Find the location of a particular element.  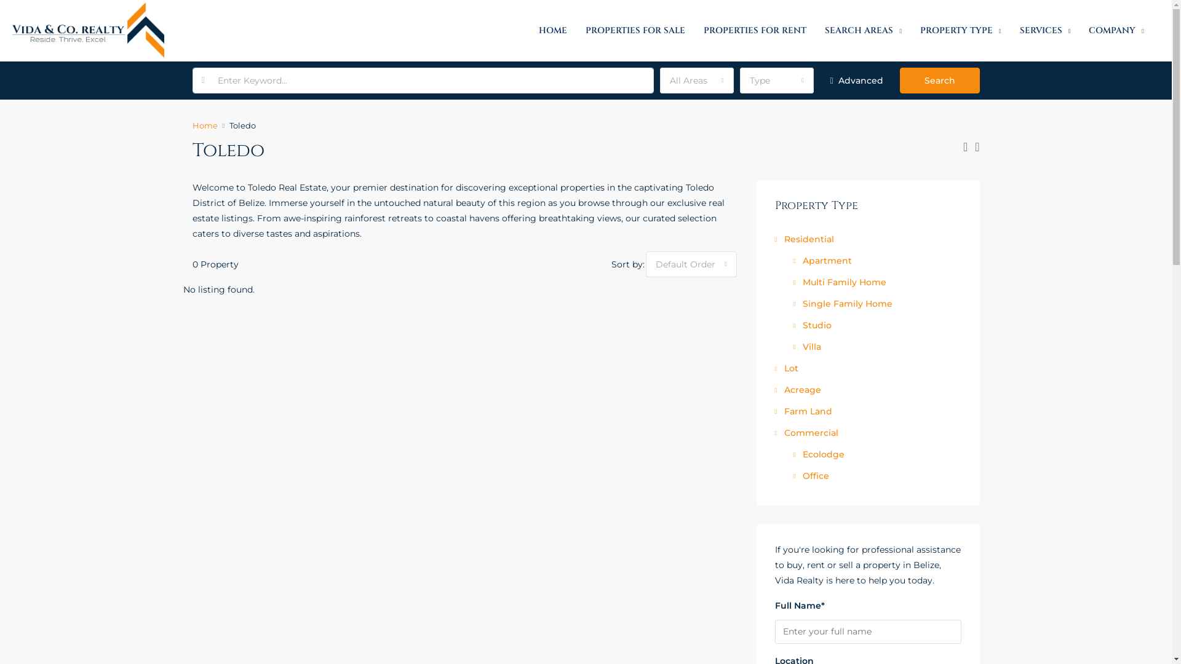

'Studio' is located at coordinates (812, 324).